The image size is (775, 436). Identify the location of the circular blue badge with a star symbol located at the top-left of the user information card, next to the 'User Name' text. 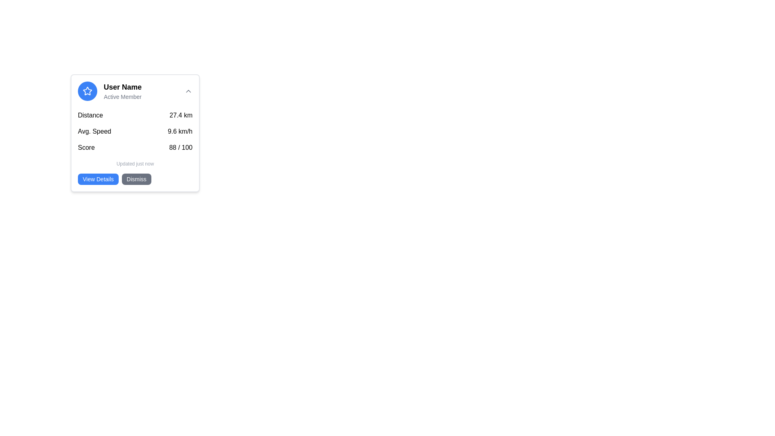
(87, 91).